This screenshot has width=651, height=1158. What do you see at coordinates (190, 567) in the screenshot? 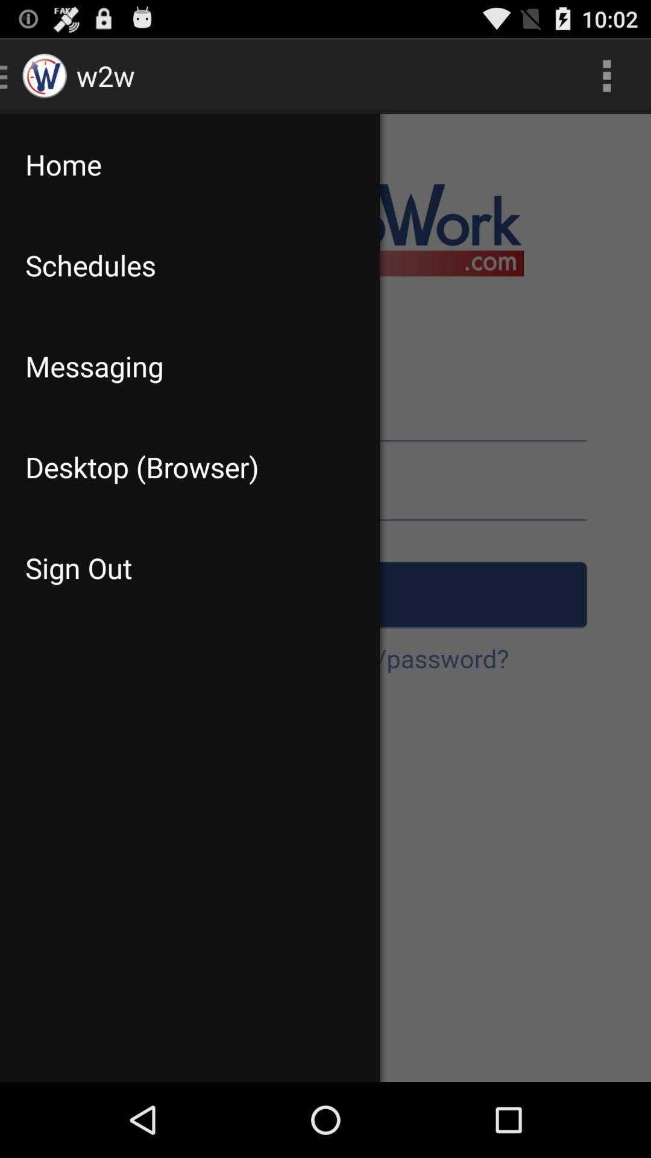
I see `the sign out item` at bounding box center [190, 567].